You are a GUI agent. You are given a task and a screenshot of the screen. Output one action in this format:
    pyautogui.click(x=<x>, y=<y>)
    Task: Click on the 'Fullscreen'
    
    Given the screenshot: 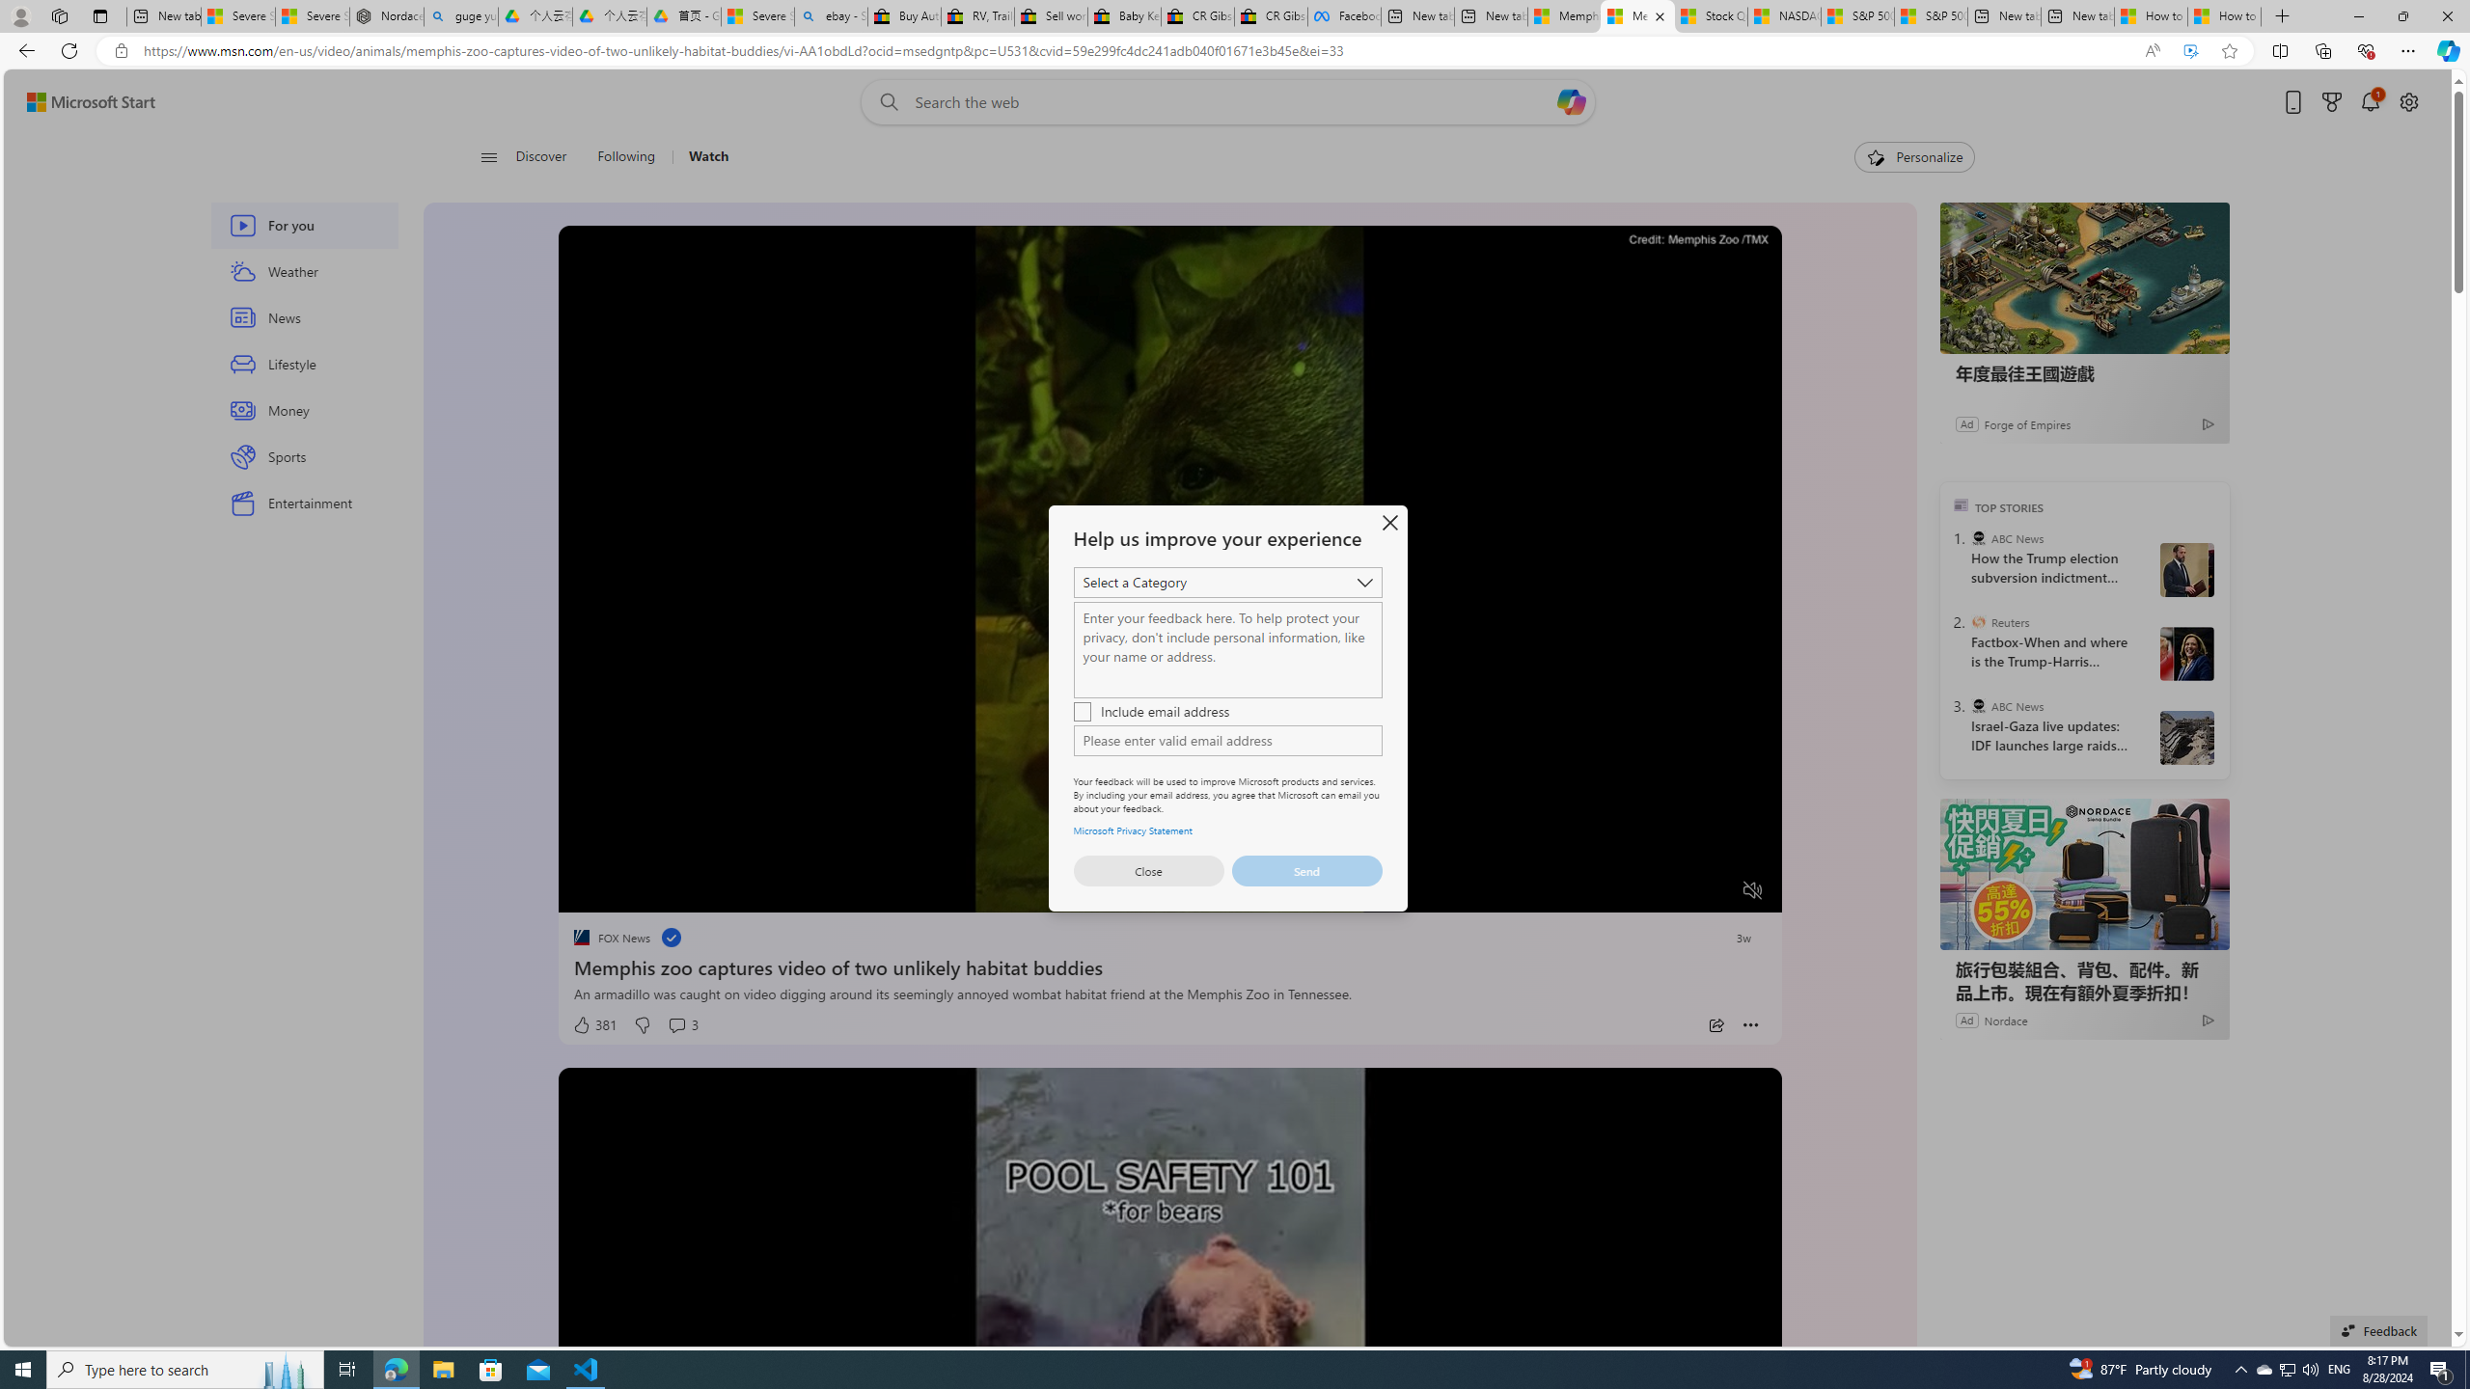 What is the action you would take?
    pyautogui.click(x=1715, y=890)
    